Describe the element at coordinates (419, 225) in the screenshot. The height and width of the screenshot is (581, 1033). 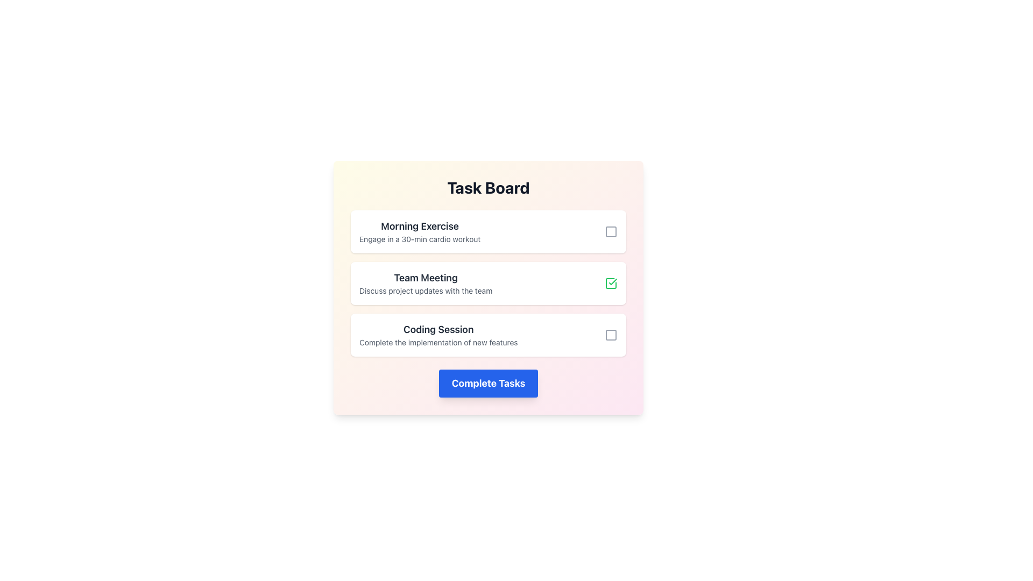
I see `the text label that serves as the title for the task, positioned above the subtitle 'Engage in a 30-min cardio workout' and to the left of the checkbox in the first task section under the 'Task Board'` at that location.